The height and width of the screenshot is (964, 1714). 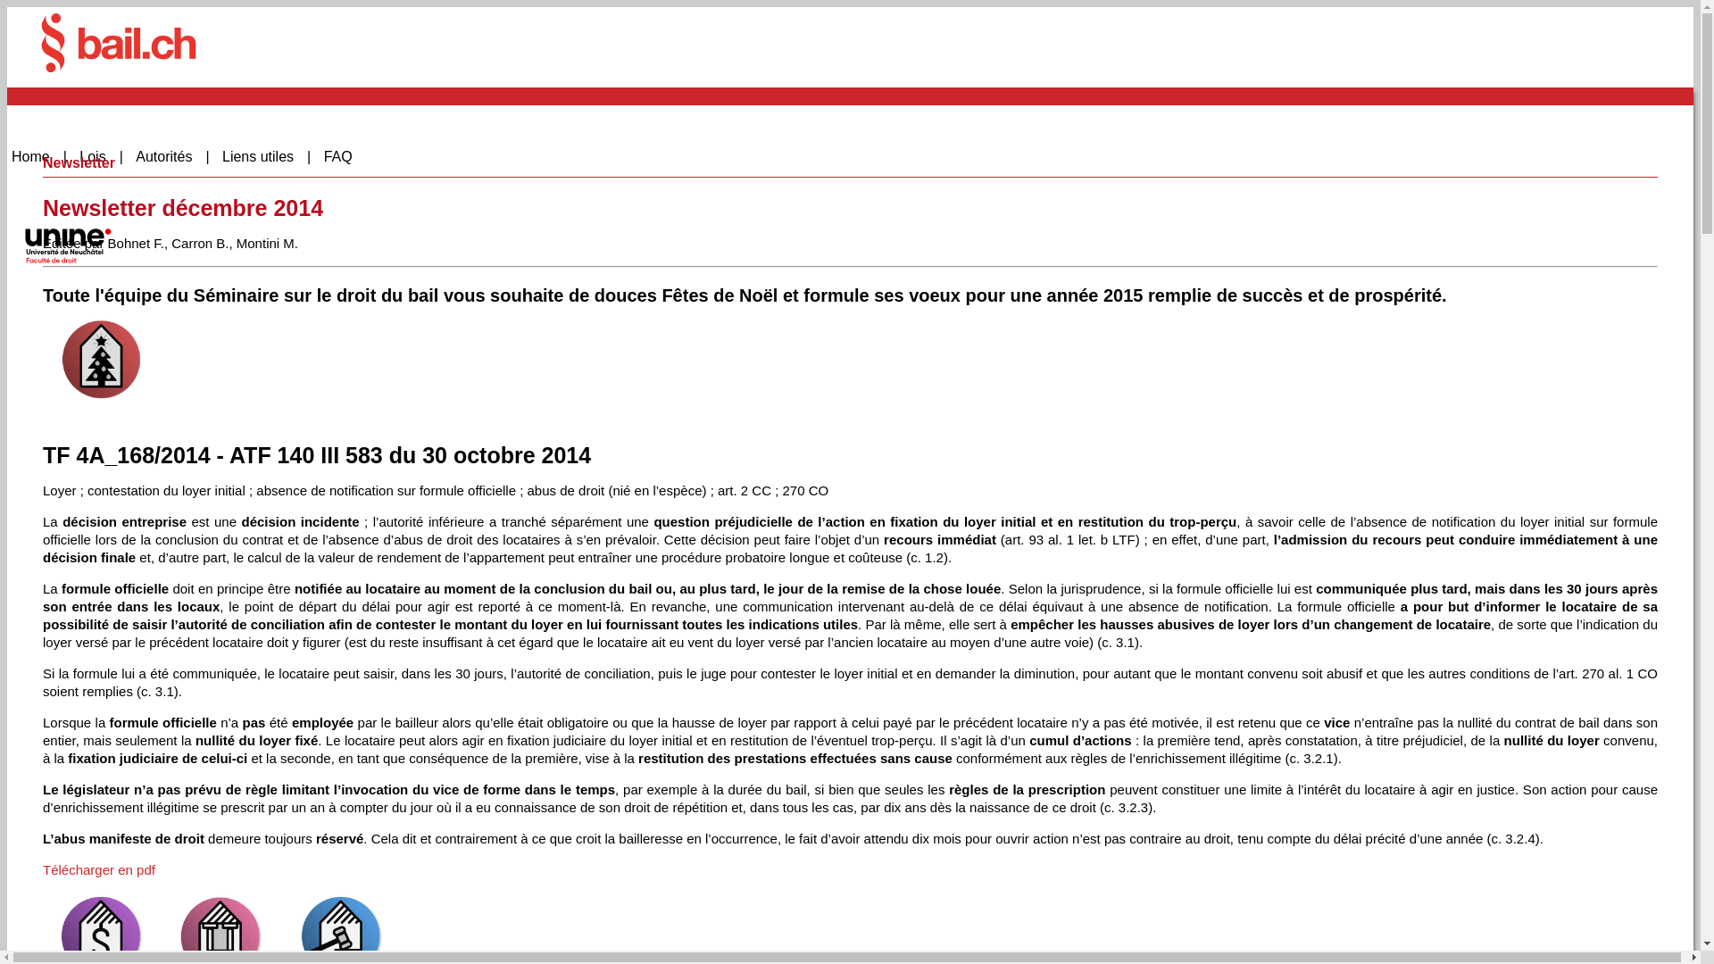 I want to click on 'FAQ', so click(x=345, y=156).